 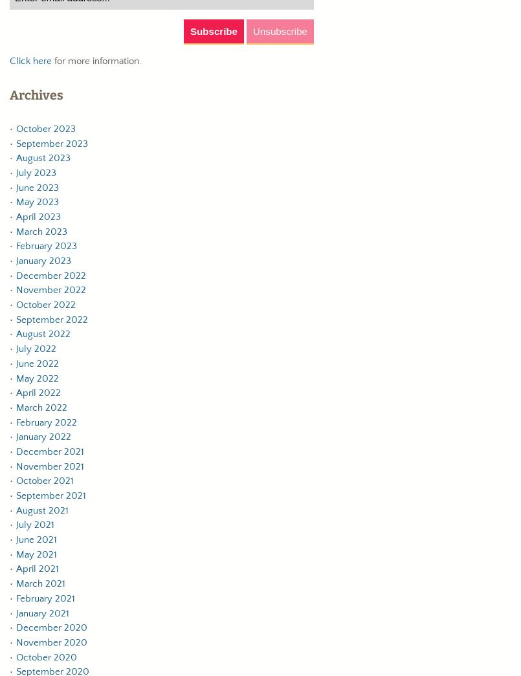 I want to click on 'July 2021', so click(x=35, y=525).